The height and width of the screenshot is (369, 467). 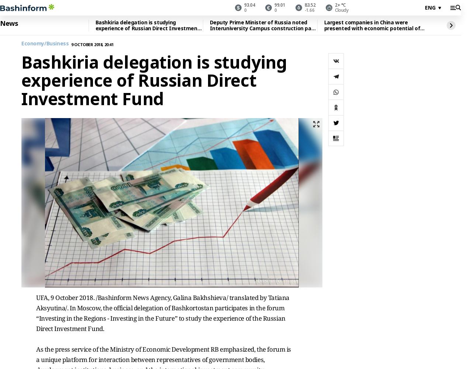 What do you see at coordinates (92, 44) in the screenshot?
I see `'9 October 2018, 20:41'` at bounding box center [92, 44].